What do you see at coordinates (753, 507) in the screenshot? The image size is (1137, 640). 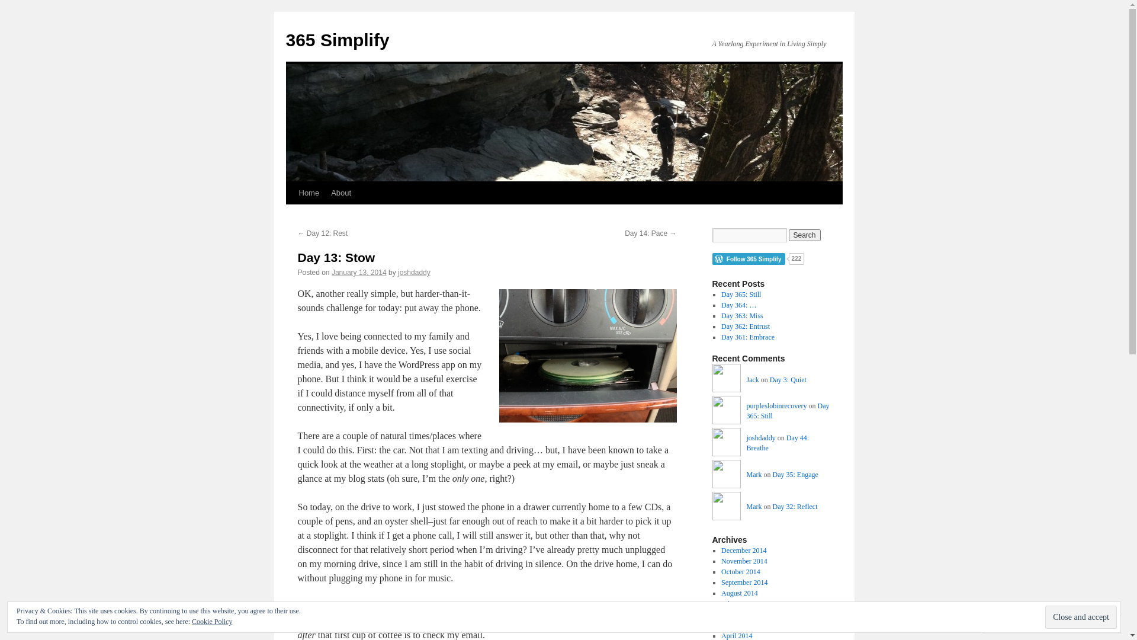 I see `'Mark'` at bounding box center [753, 507].